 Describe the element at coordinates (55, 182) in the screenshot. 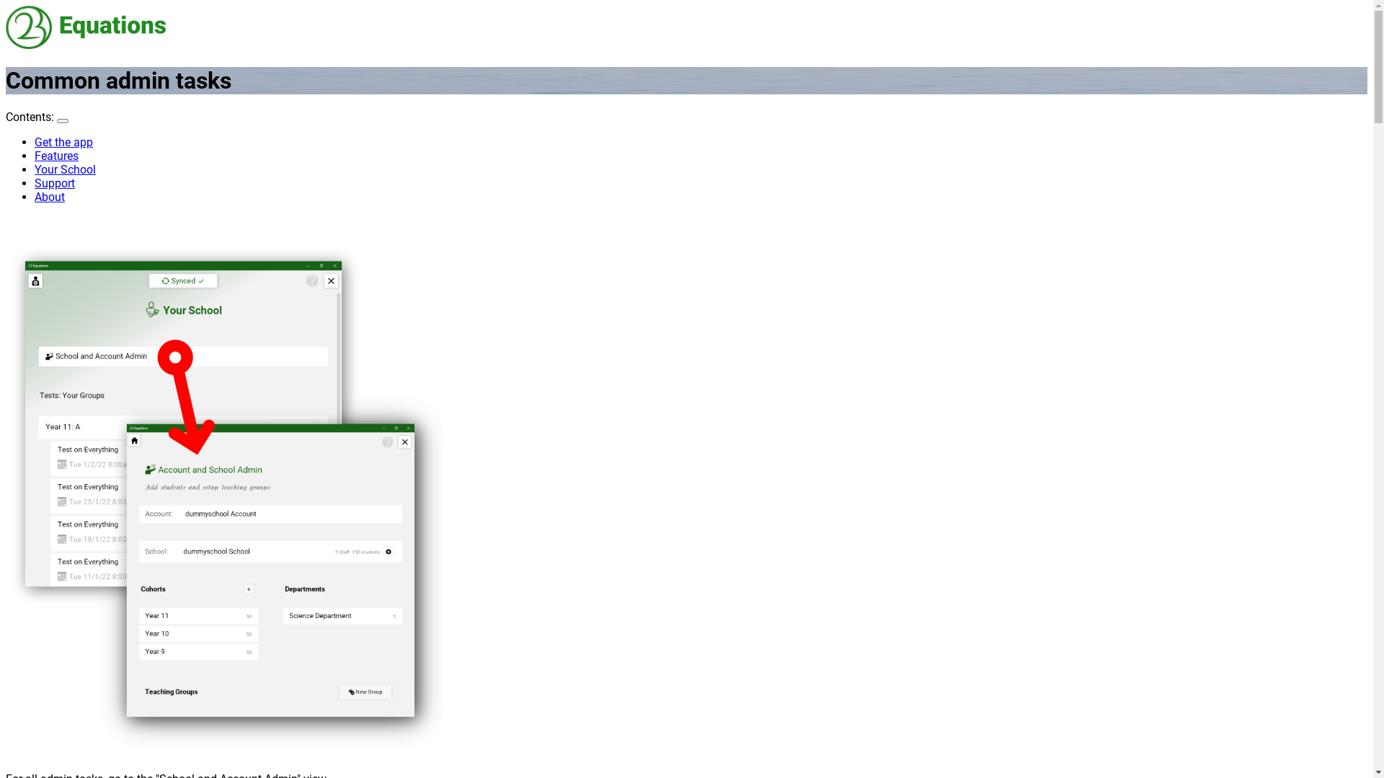

I see `'Support'` at that location.